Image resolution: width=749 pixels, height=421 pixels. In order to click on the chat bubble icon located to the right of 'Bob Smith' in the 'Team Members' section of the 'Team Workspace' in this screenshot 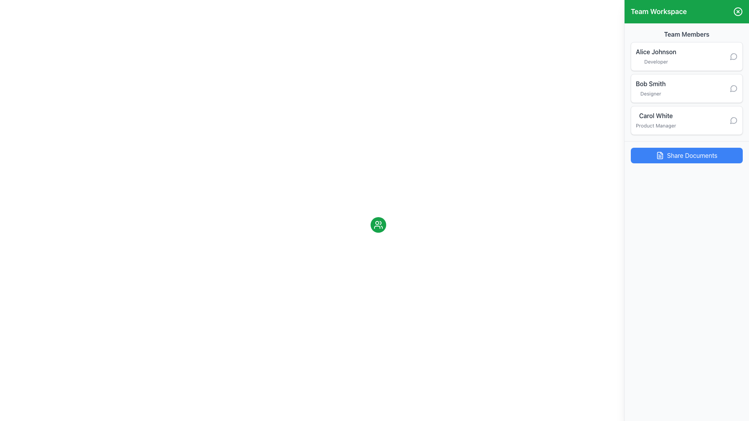, I will do `click(733, 88)`.